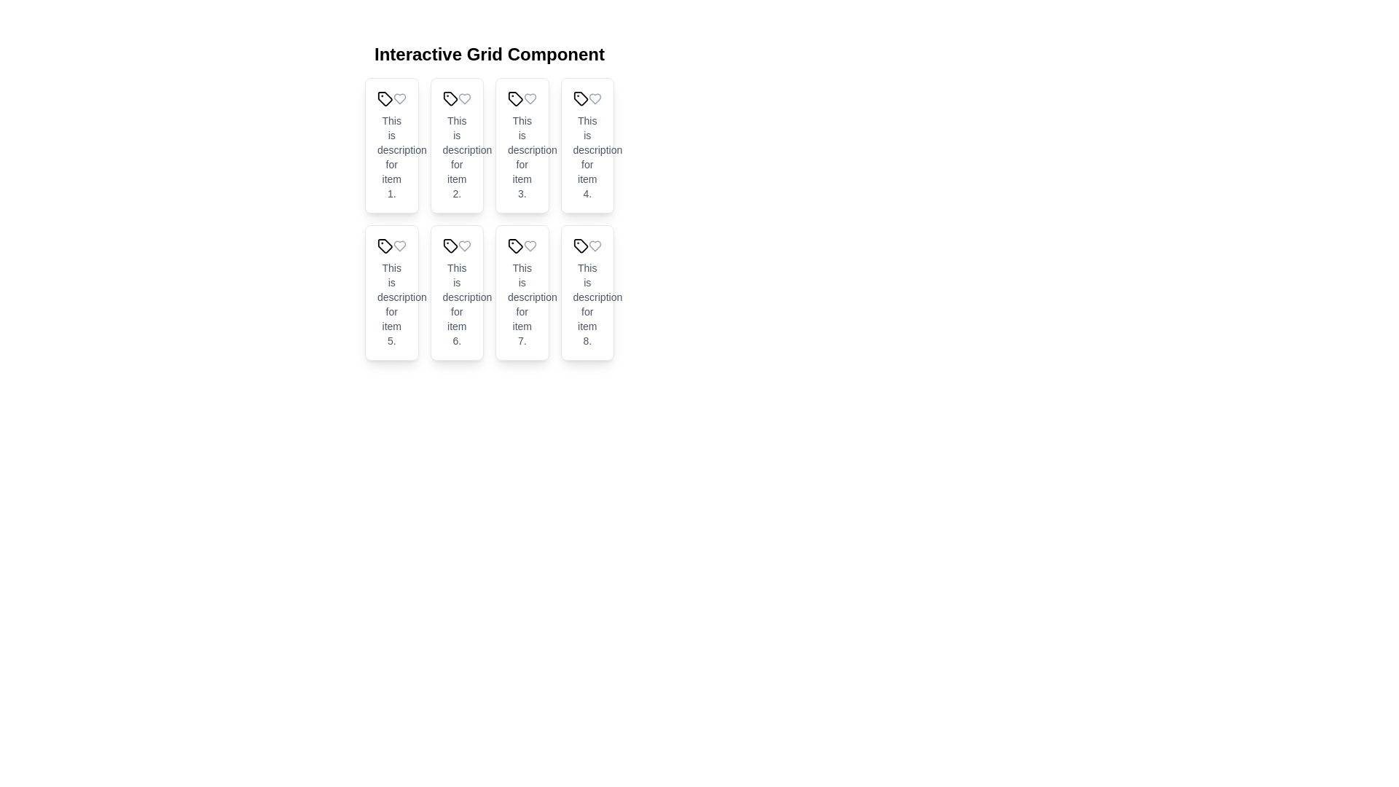 This screenshot has width=1399, height=787. What do you see at coordinates (580, 98) in the screenshot?
I see `the vector graphic icon resembling a tag, located in the fourth tile of the 'Interactive Grid Component', which features a rectangular body with a diagonal cut and a circle at the top left` at bounding box center [580, 98].